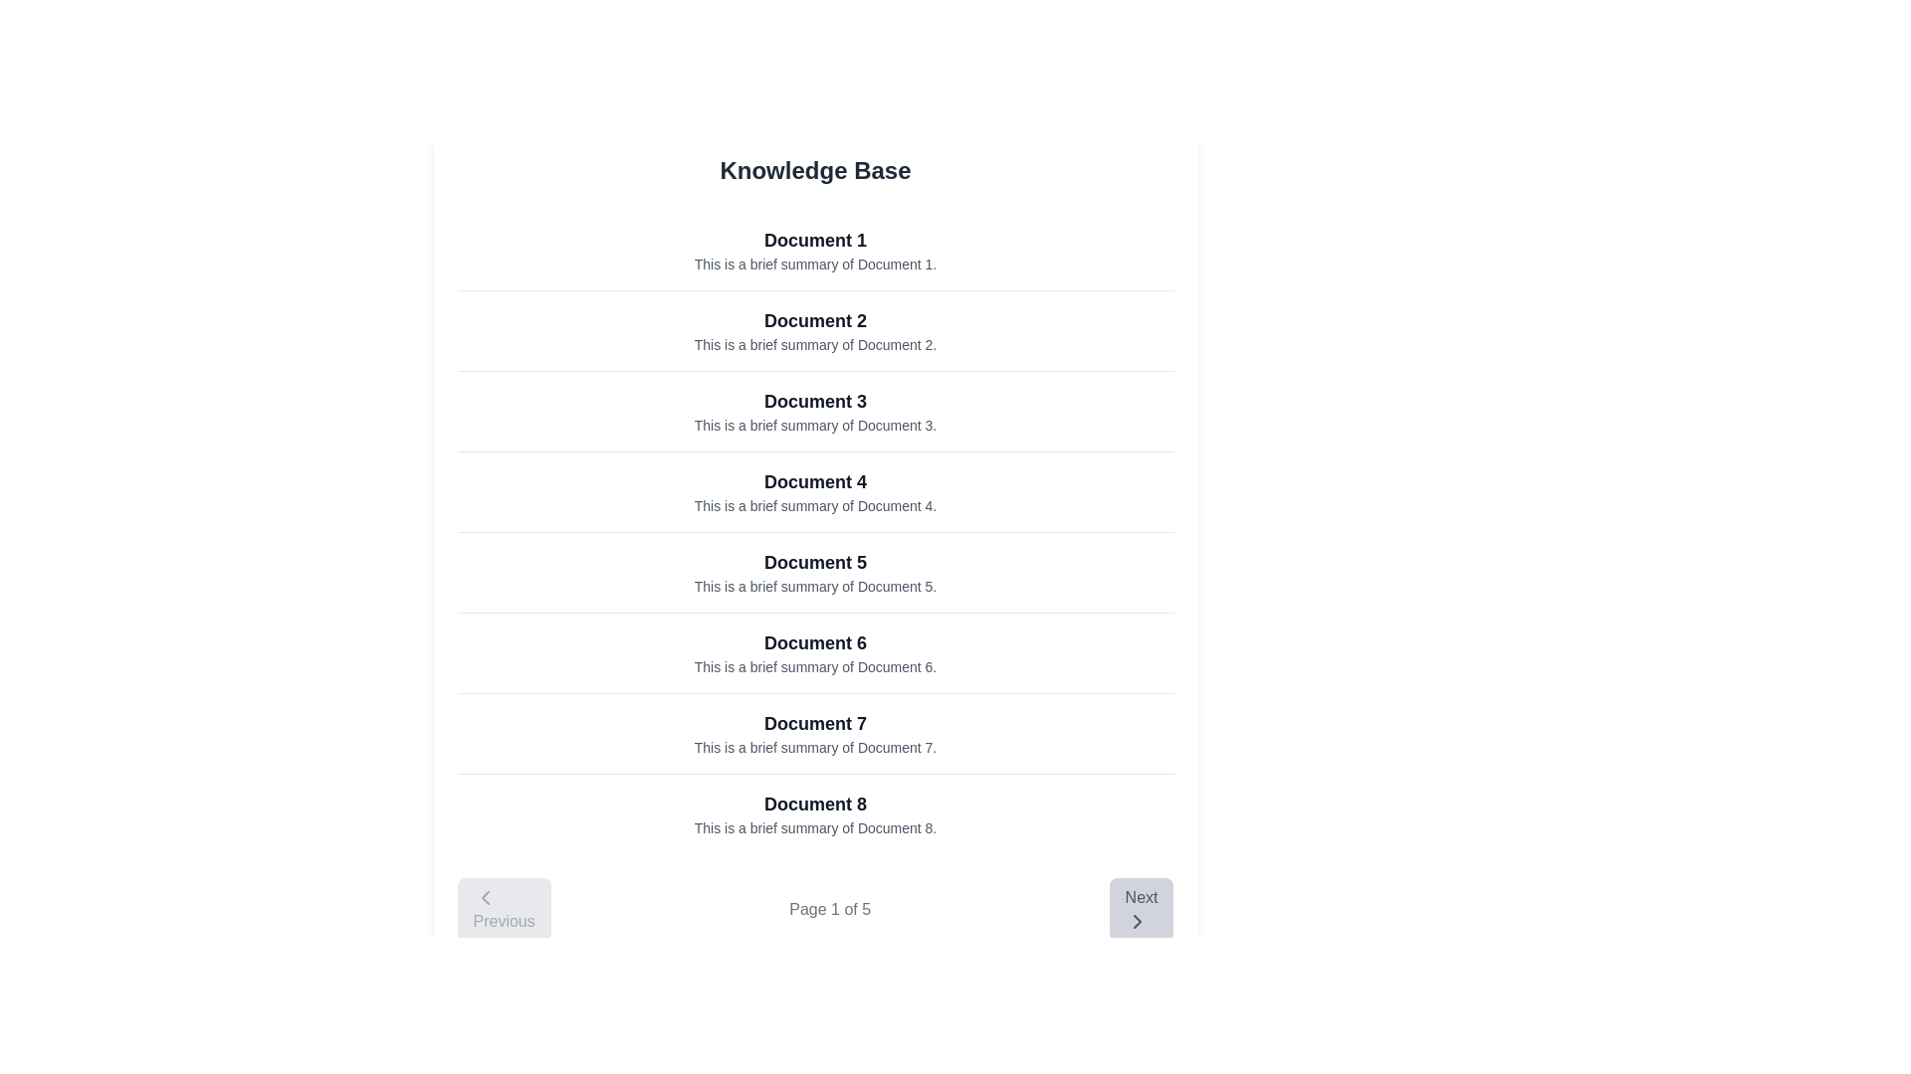 The height and width of the screenshot is (1074, 1911). I want to click on the text block titled 'Document 2' which contains a summary of 'This is a brief summary of Document 2.', so click(815, 329).